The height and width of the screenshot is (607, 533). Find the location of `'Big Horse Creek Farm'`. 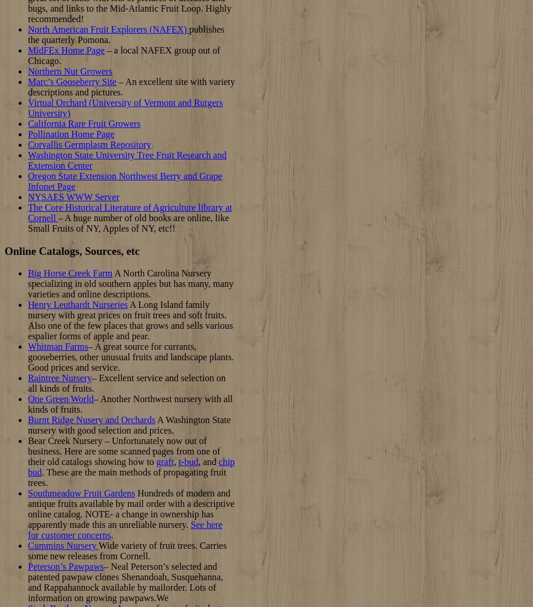

'Big Horse Creek Farm' is located at coordinates (70, 272).